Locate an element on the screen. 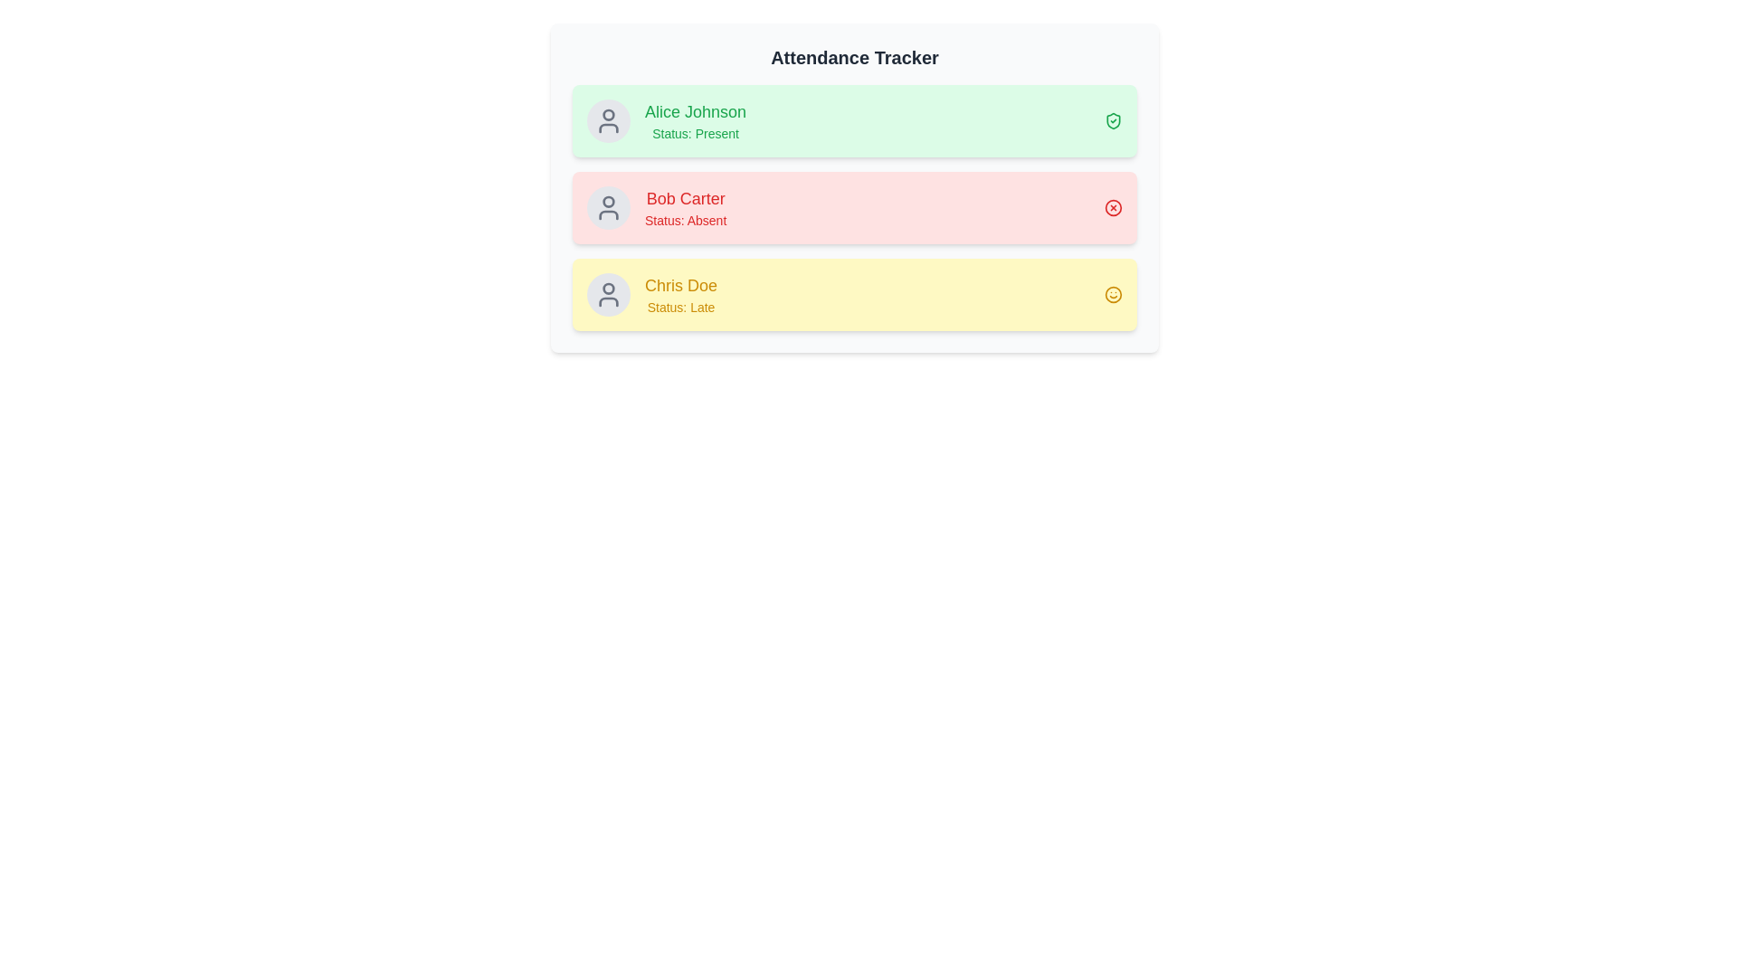 The image size is (1737, 977). the circular head icon representing 'Bob Carter' in the Attendance Tracker interface is located at coordinates (608, 202).